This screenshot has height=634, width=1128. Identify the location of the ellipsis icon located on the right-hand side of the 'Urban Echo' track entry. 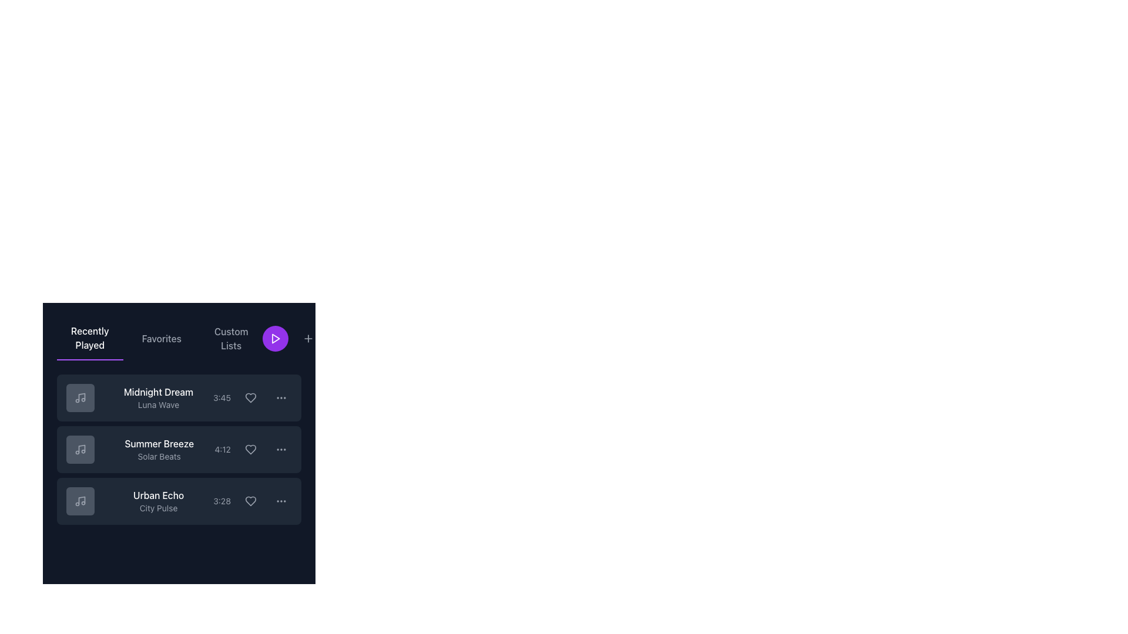
(281, 501).